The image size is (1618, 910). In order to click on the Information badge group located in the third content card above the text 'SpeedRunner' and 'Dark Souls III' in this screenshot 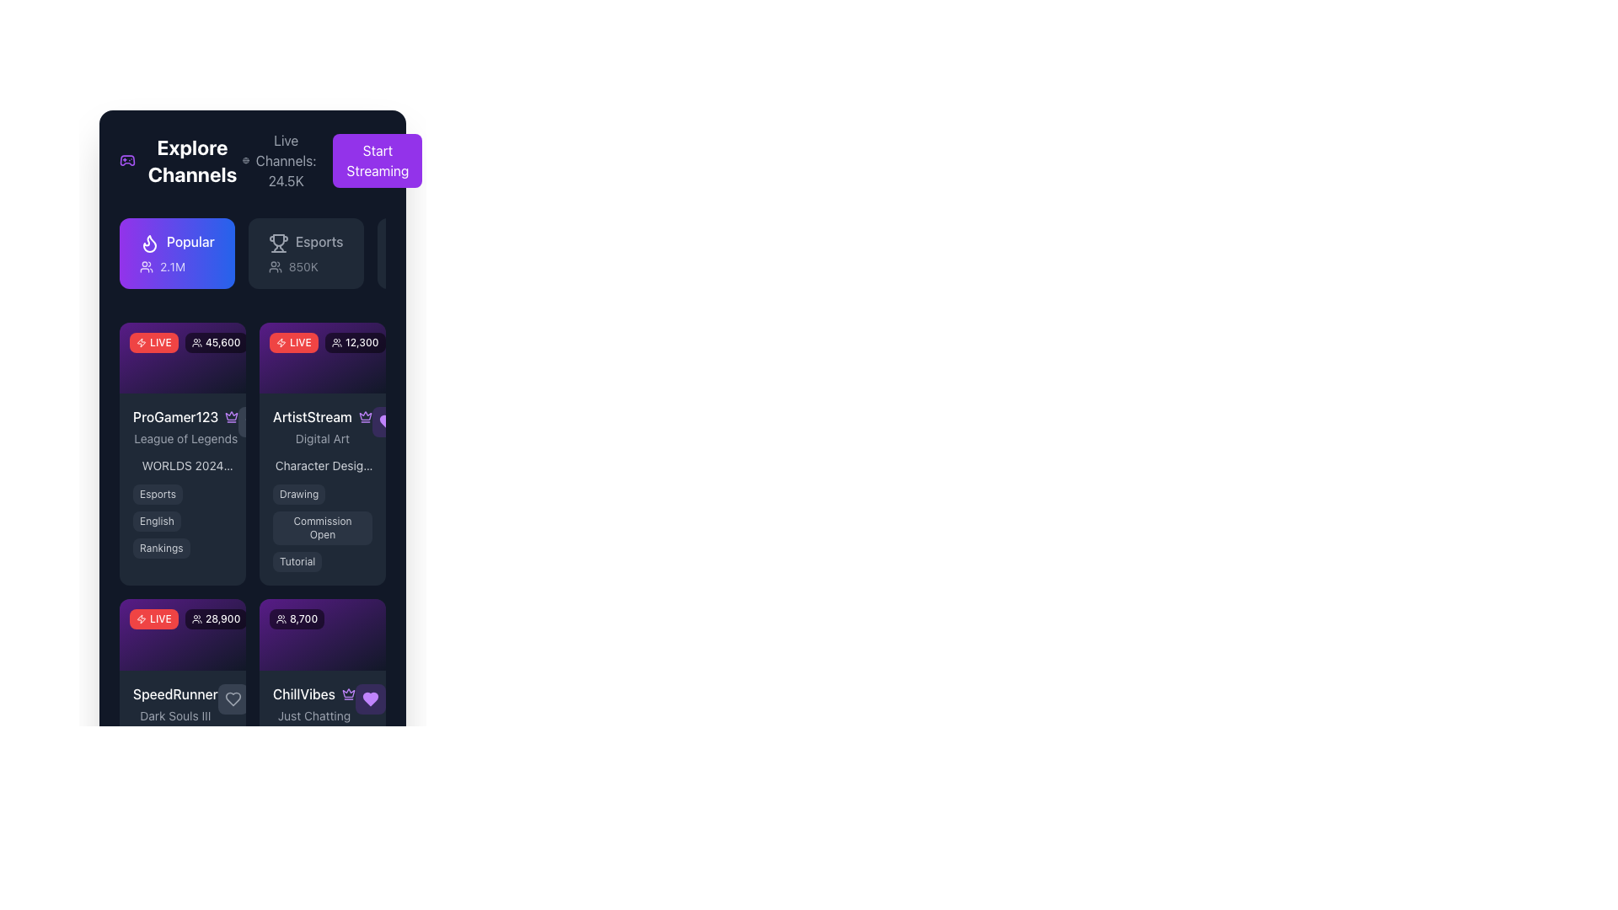, I will do `click(182, 634)`.